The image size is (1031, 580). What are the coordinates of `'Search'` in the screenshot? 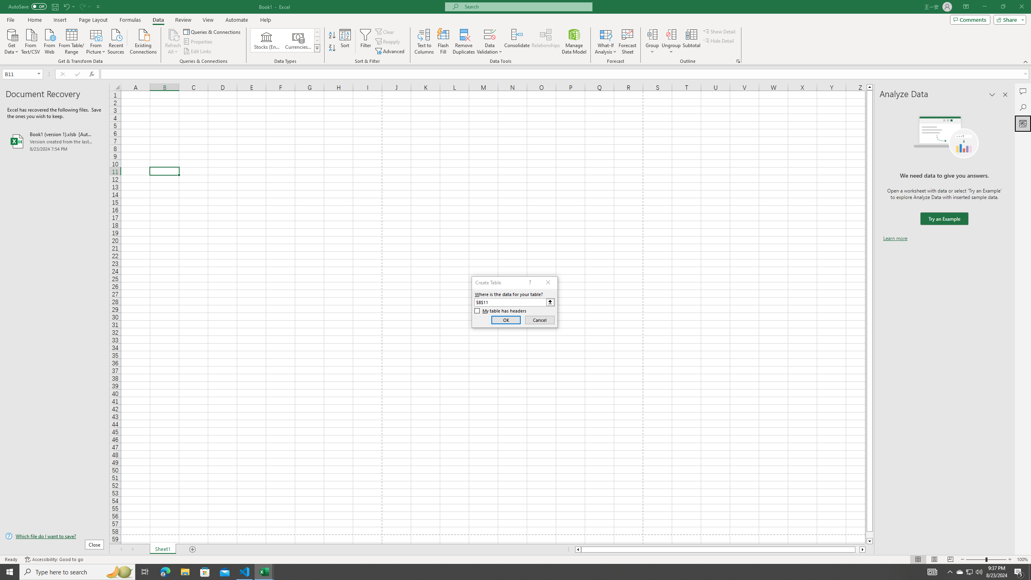 It's located at (1023, 108).